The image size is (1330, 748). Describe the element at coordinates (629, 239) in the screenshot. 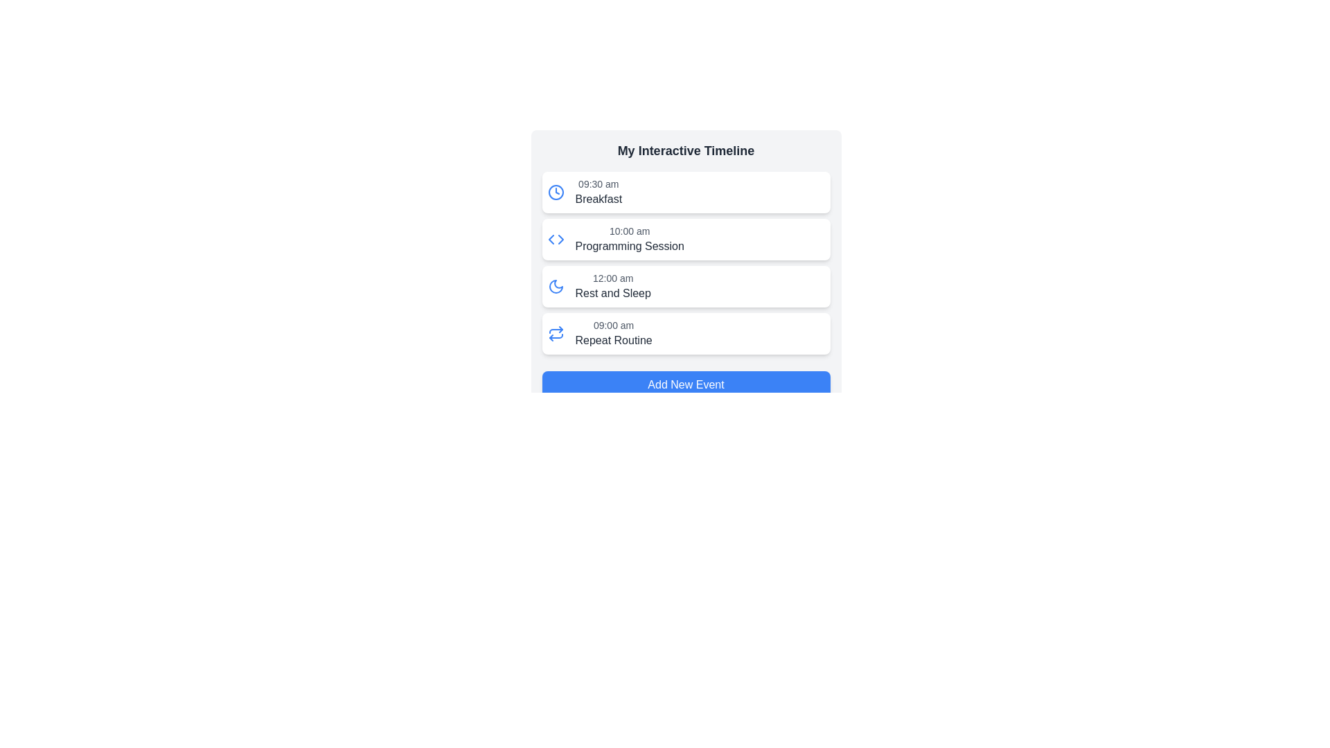

I see `the scheduled event text label indicating the time and title of the event, which is the second entry in the interactive timeline between '09:30 am Breakfast' and '12:00 am Rest and Sleep'` at that location.